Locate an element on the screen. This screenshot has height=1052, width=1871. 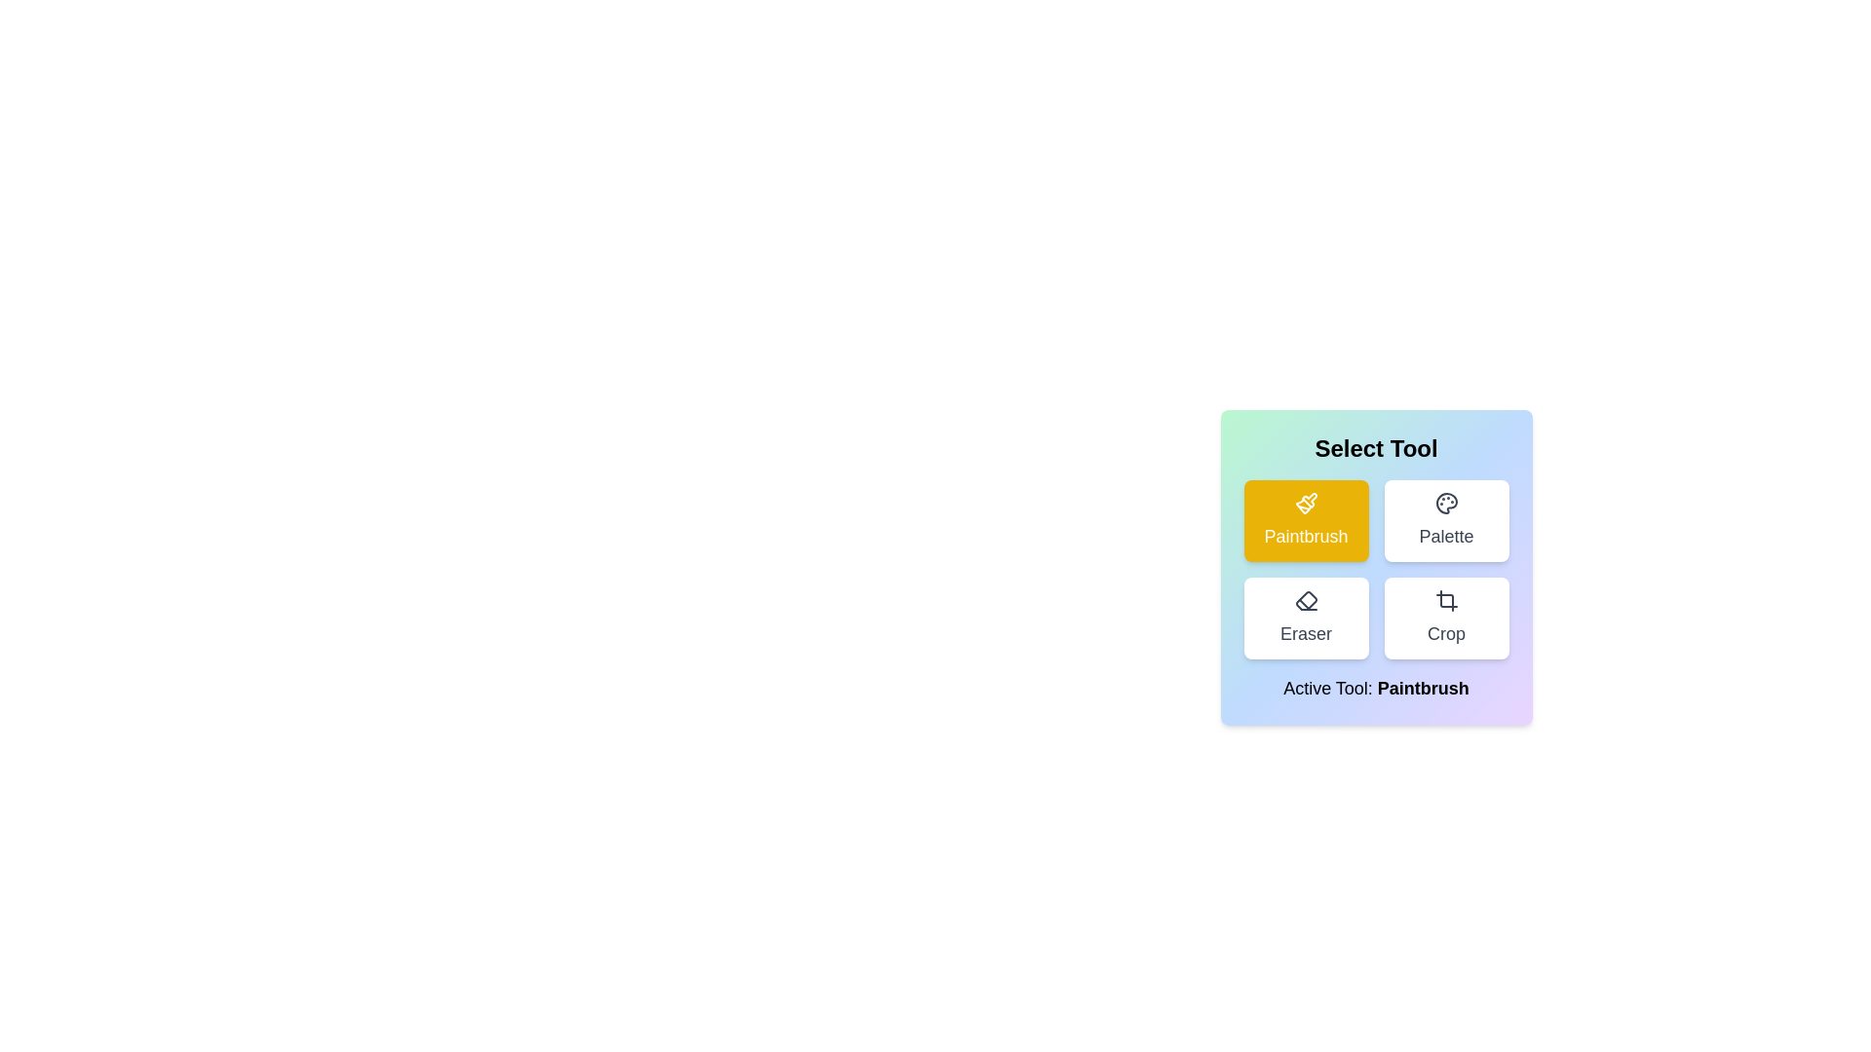
the button corresponding to the tool Crop is located at coordinates (1446, 619).